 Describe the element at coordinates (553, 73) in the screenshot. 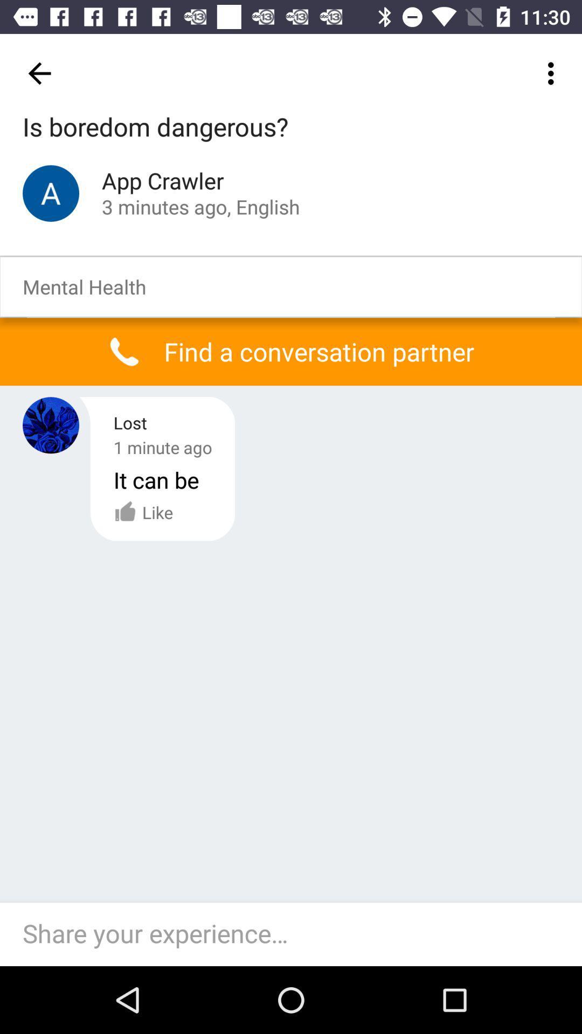

I see `icon to the right of is boredom dangerous? item` at that location.